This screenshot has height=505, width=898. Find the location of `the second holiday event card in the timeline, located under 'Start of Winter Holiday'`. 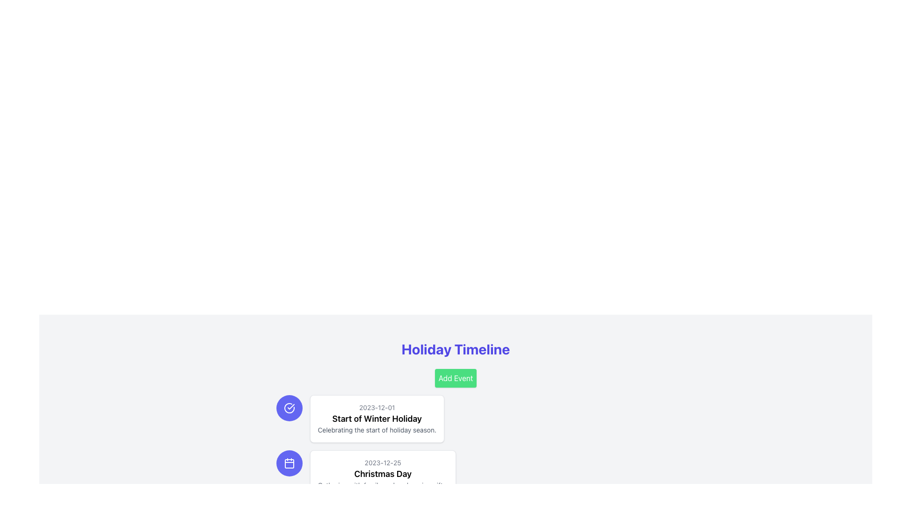

the second holiday event card in the timeline, located under 'Start of Winter Holiday' is located at coordinates (383, 474).